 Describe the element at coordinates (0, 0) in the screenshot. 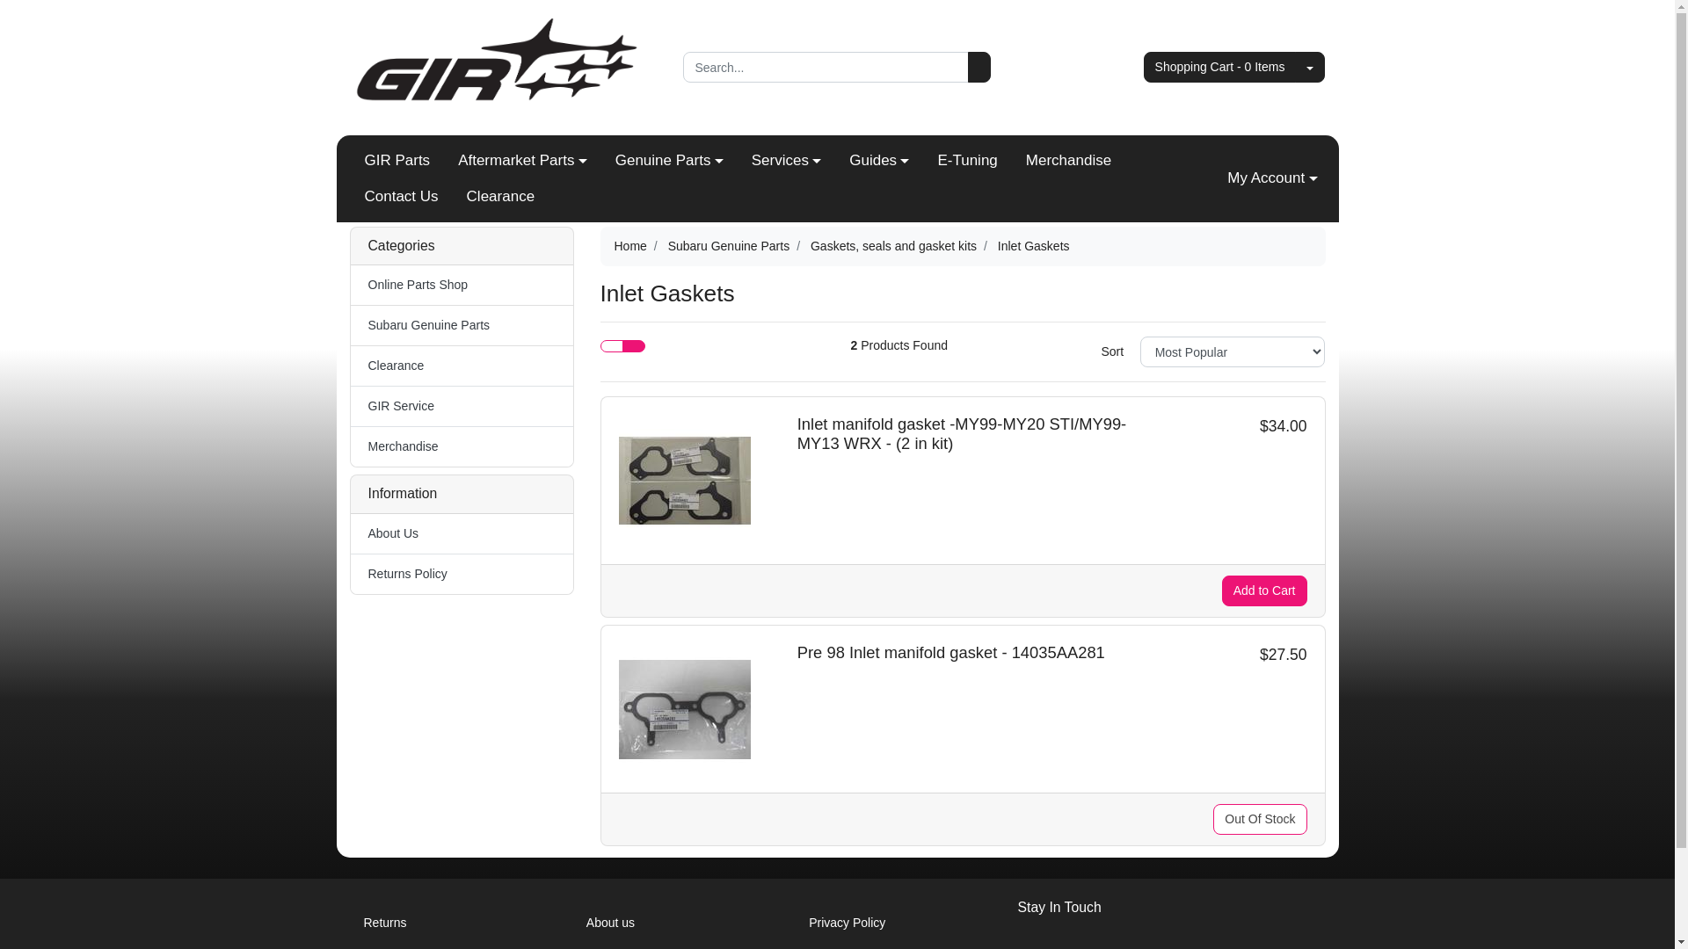

I see `'Skip to main content'` at that location.